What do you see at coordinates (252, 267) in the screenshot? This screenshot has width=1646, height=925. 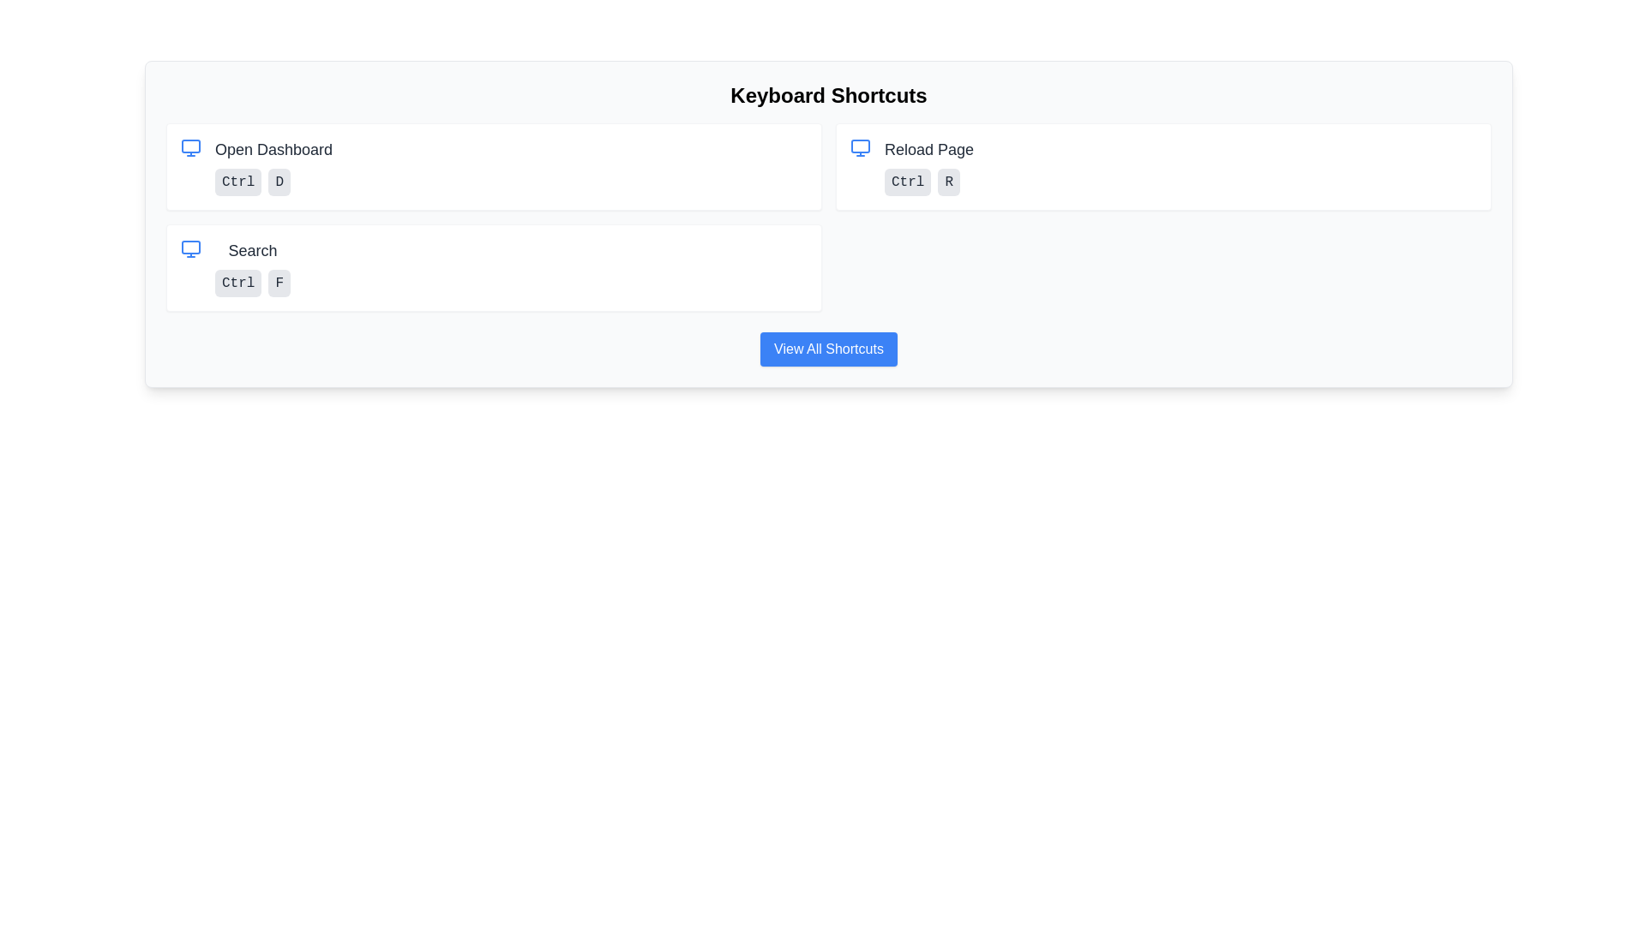 I see `the 'Ctrl' button in the Shortcut description item that reads 'Search' with the keyboard shortcuts 'Ctrl' and 'F'` at bounding box center [252, 267].